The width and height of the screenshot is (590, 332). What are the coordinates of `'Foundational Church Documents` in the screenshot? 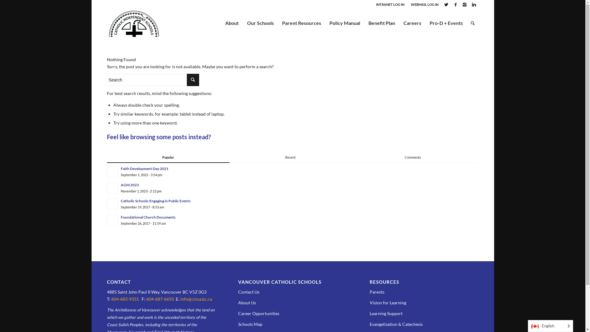 It's located at (107, 220).